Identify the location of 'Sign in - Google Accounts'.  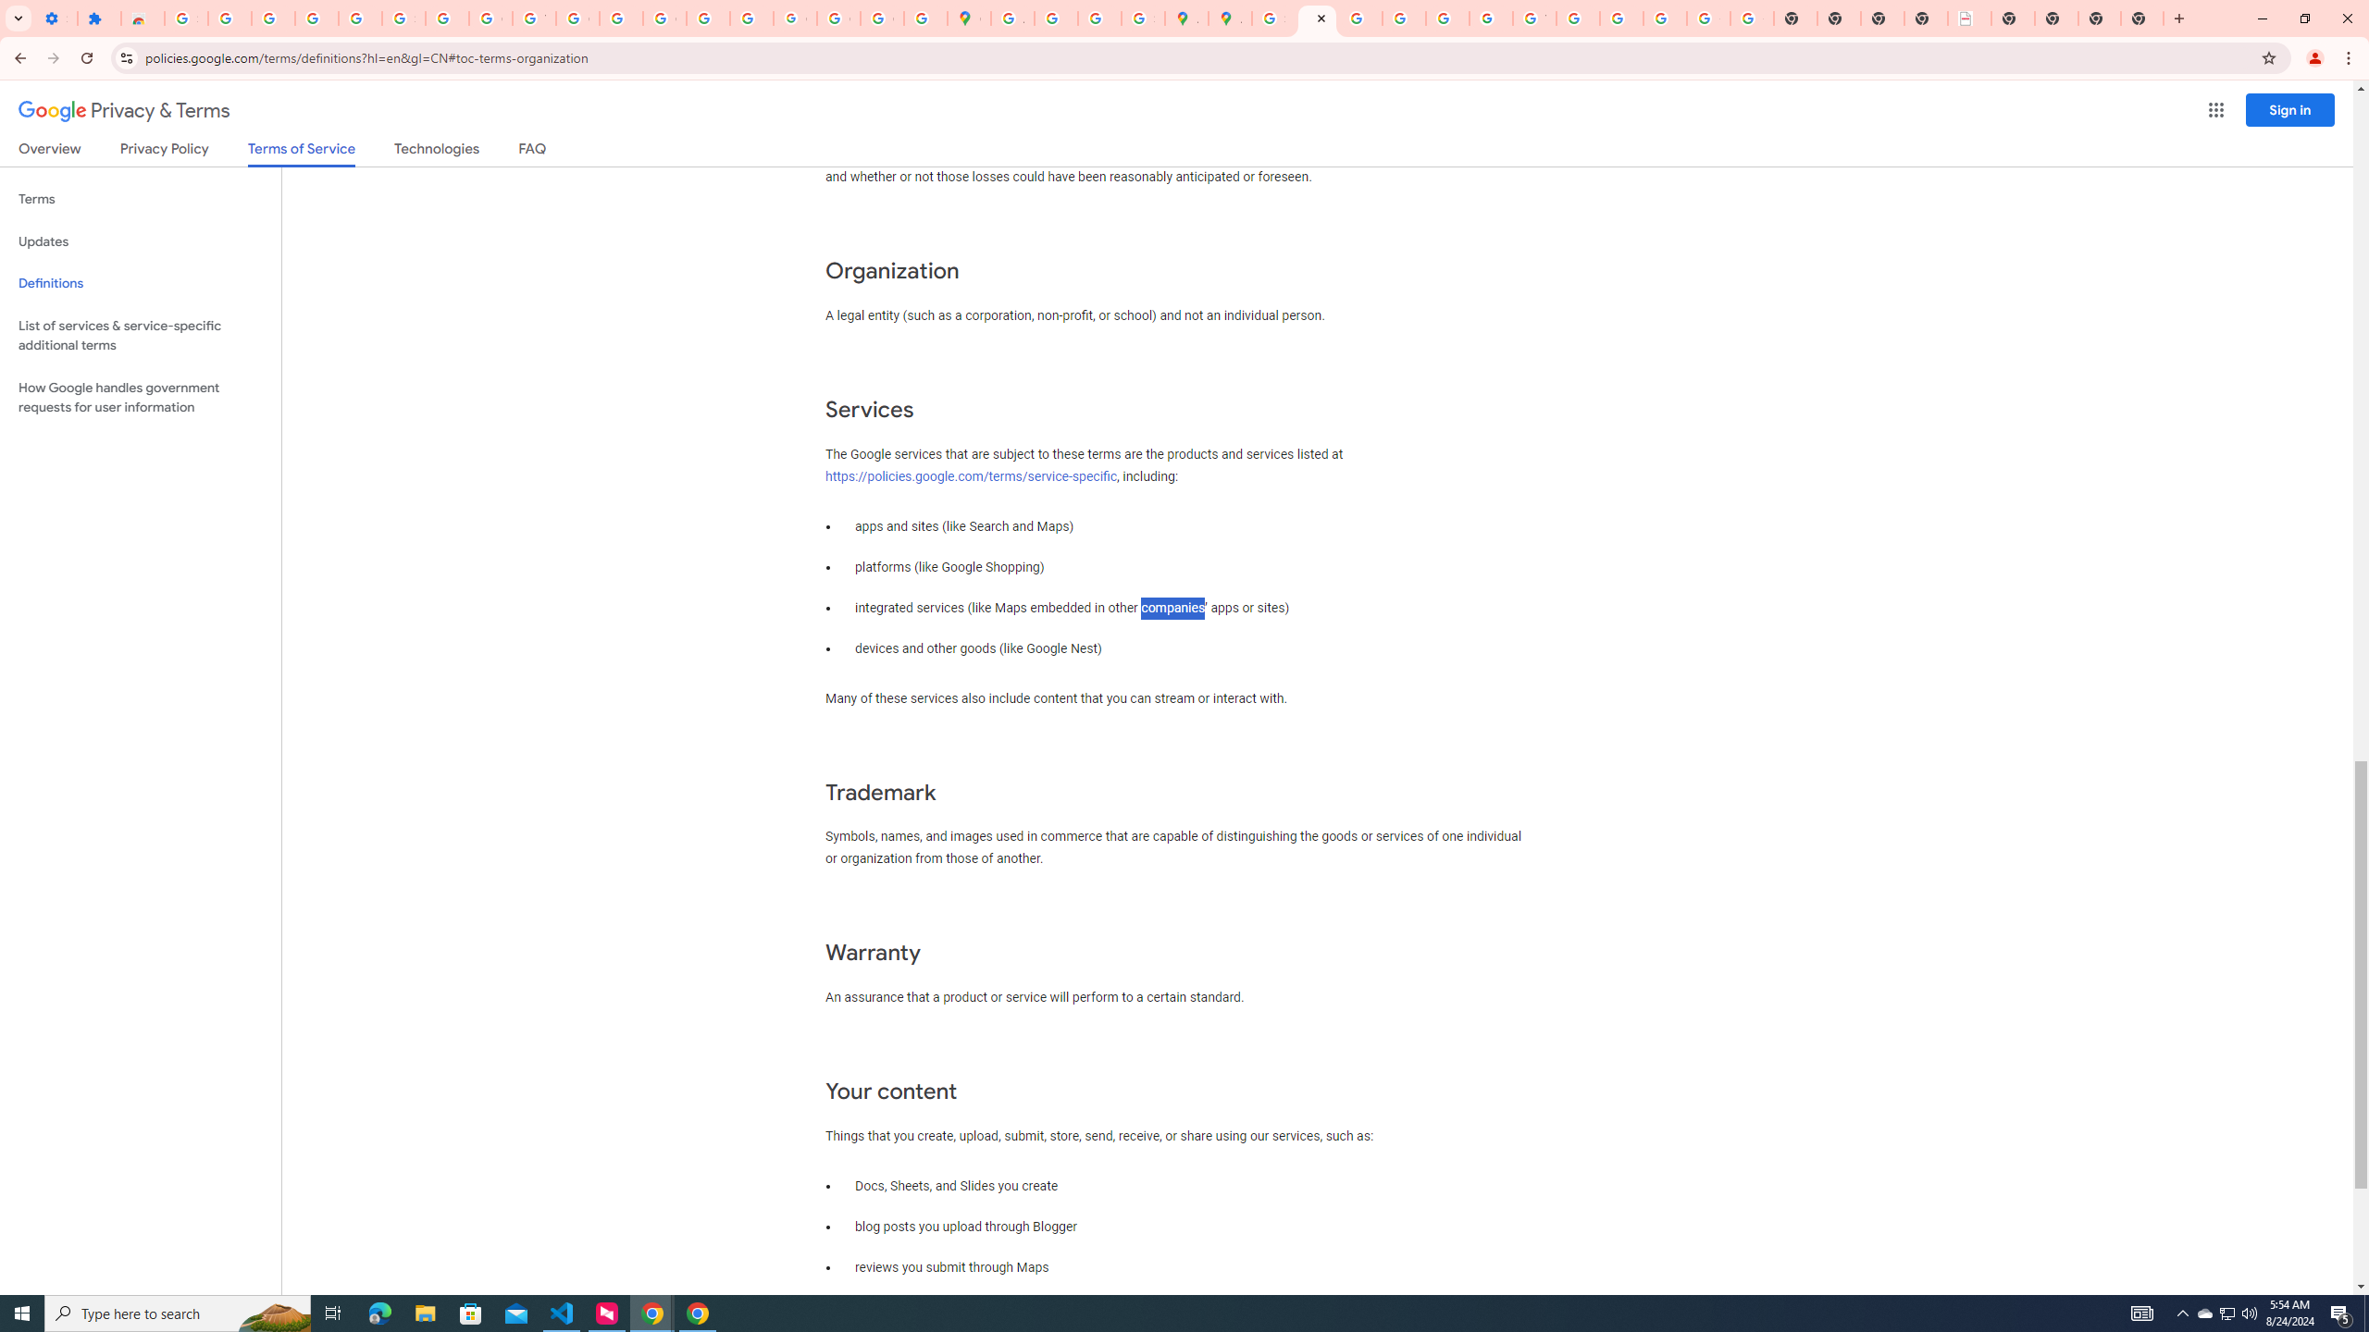
(403, 18).